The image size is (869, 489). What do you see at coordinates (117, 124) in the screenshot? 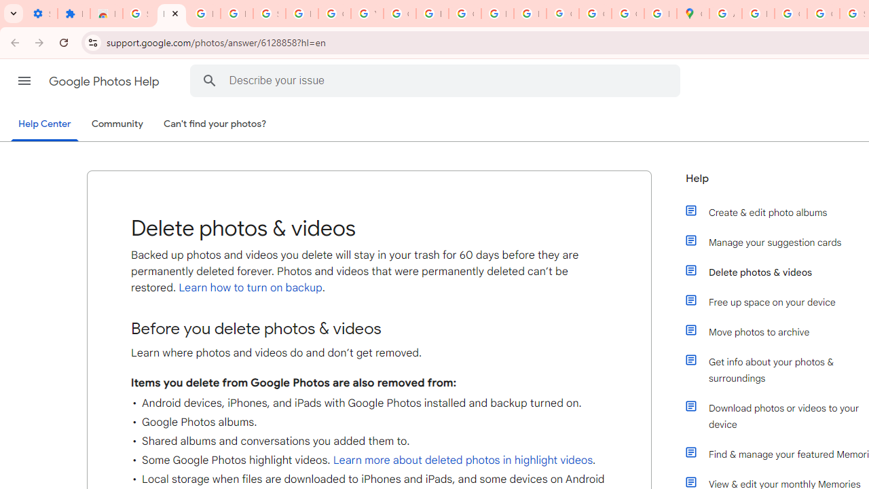
I see `'Community'` at bounding box center [117, 124].